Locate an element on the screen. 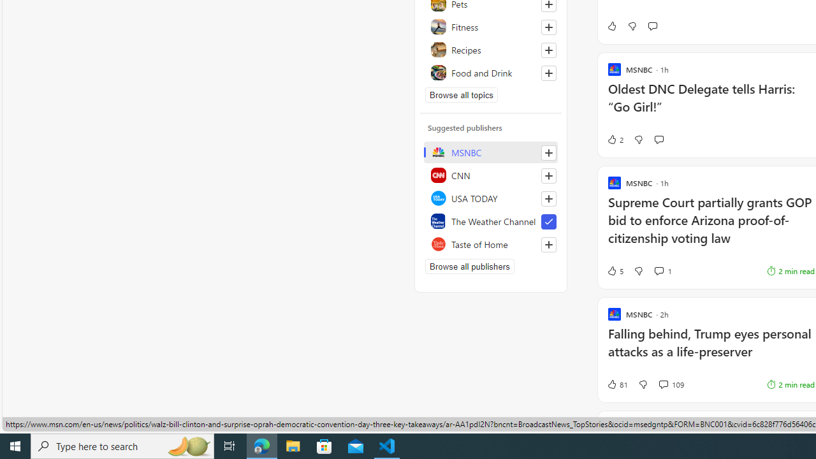 The width and height of the screenshot is (816, 459). '2 Like' is located at coordinates (615, 140).